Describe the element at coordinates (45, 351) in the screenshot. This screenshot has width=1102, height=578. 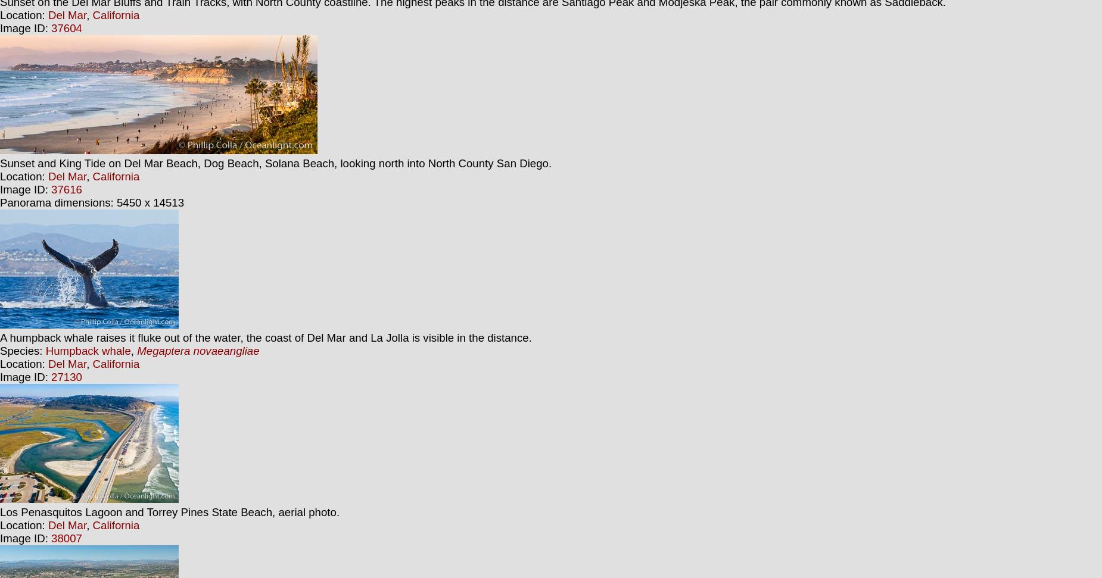
I see `'Humpback whale'` at that location.